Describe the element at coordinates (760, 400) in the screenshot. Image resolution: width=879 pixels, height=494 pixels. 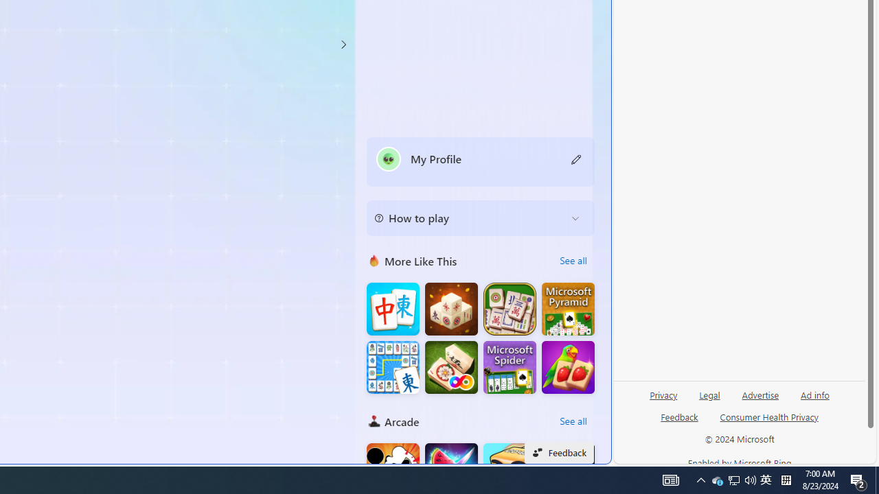
I see `'Advertise'` at that location.